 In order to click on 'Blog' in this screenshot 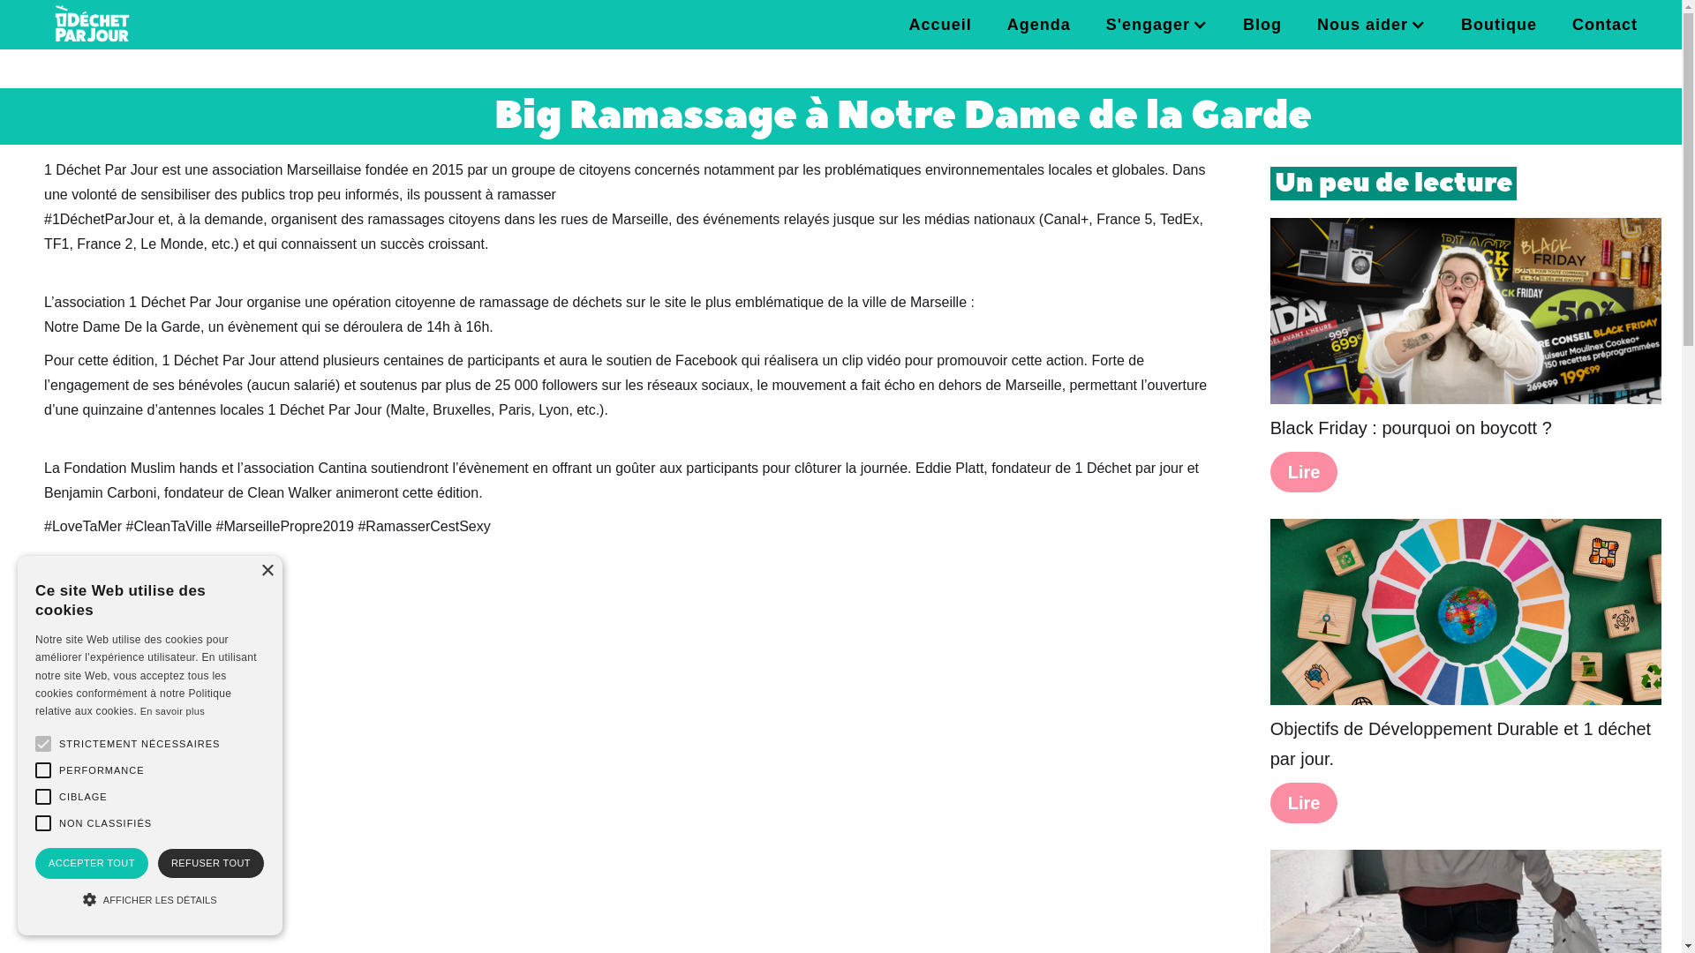, I will do `click(1262, 24)`.